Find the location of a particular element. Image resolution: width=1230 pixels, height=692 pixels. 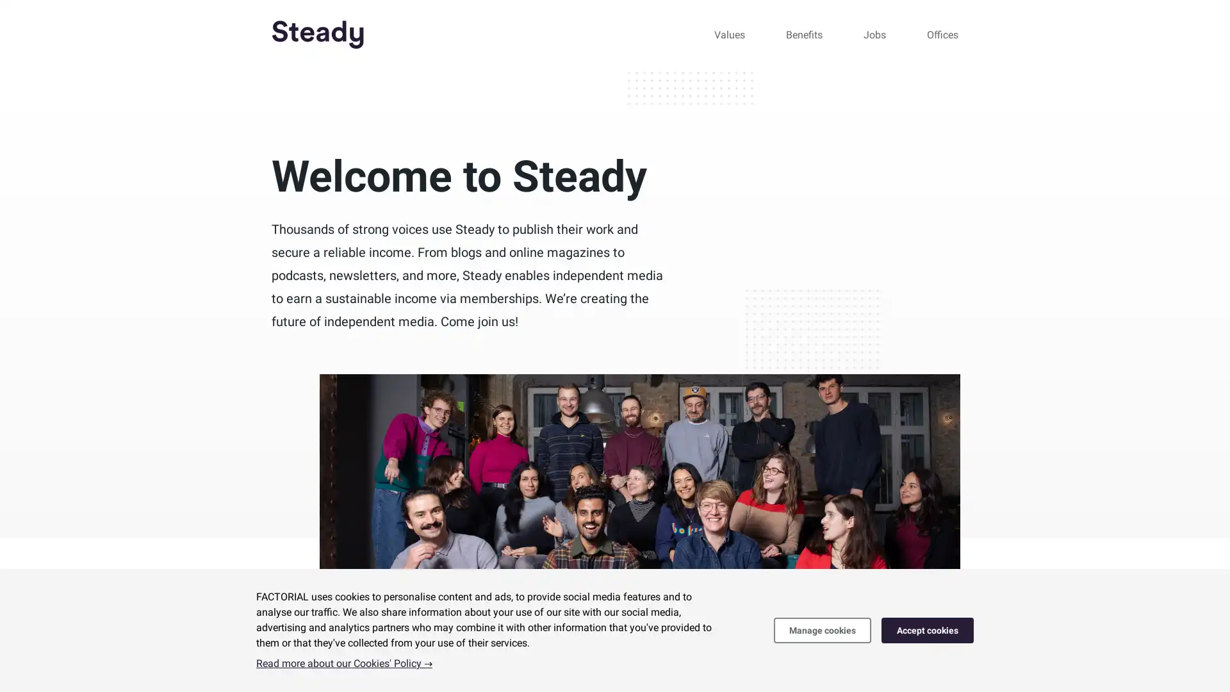

Accept cookies is located at coordinates (928, 629).